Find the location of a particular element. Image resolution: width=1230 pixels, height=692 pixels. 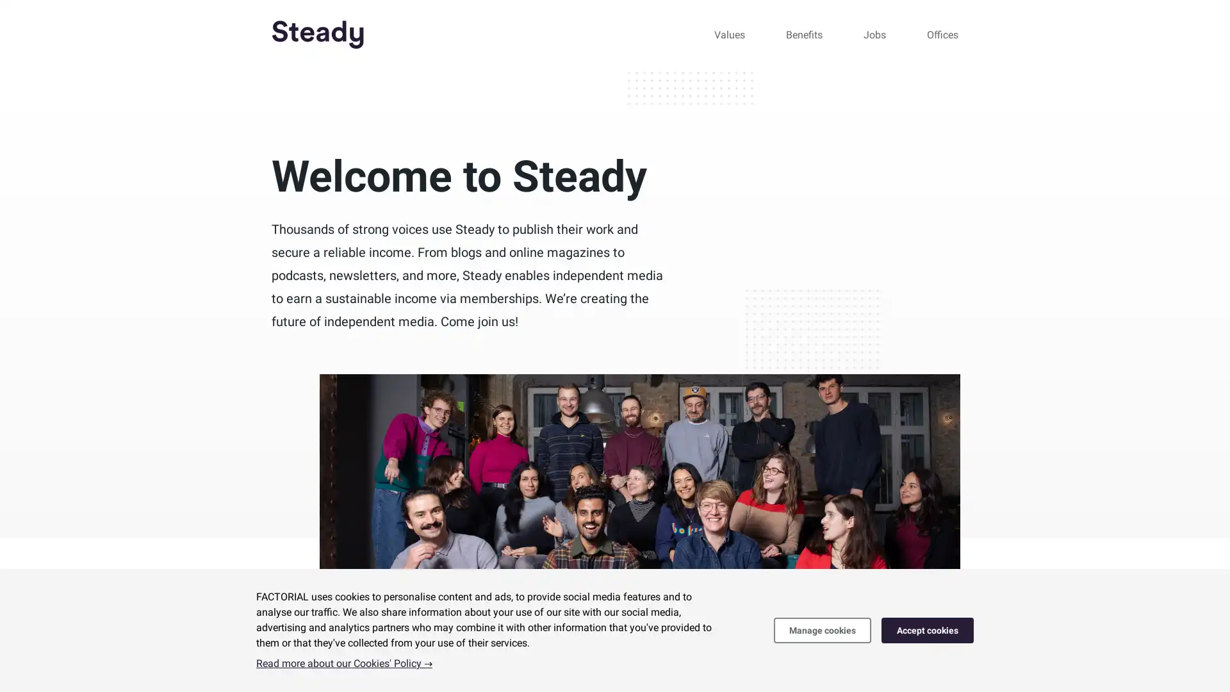

Accept cookies is located at coordinates (928, 629).